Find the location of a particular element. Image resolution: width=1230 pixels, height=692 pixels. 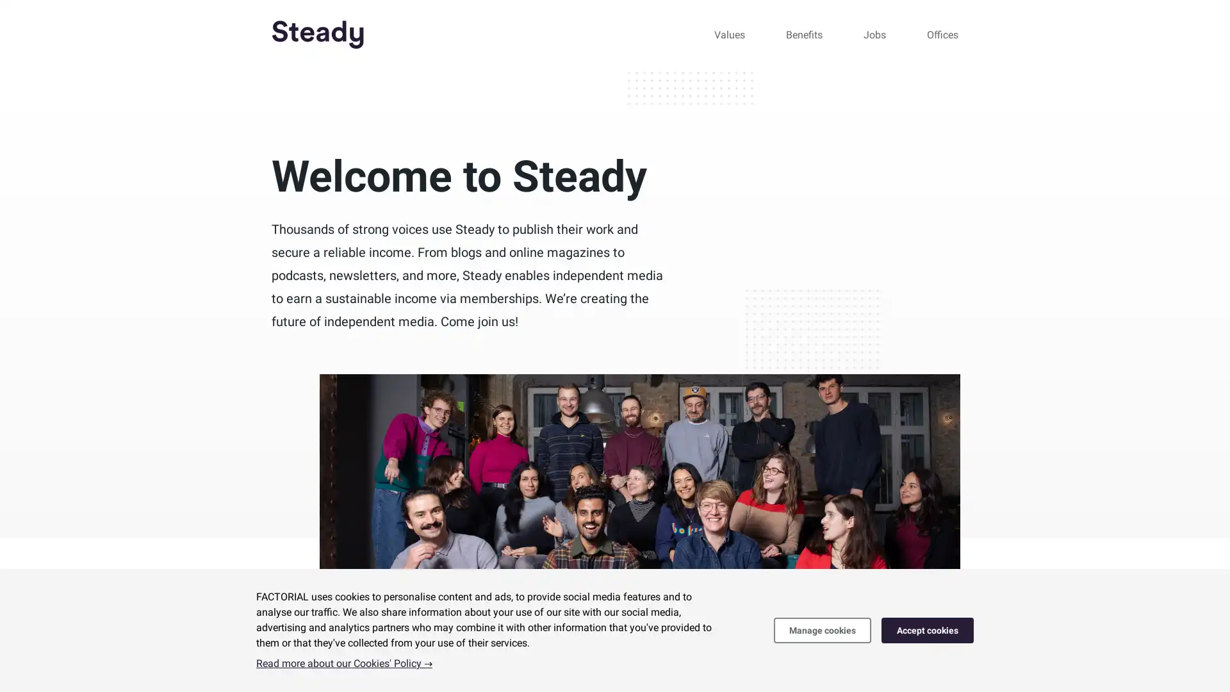

Accept cookies is located at coordinates (928, 629).